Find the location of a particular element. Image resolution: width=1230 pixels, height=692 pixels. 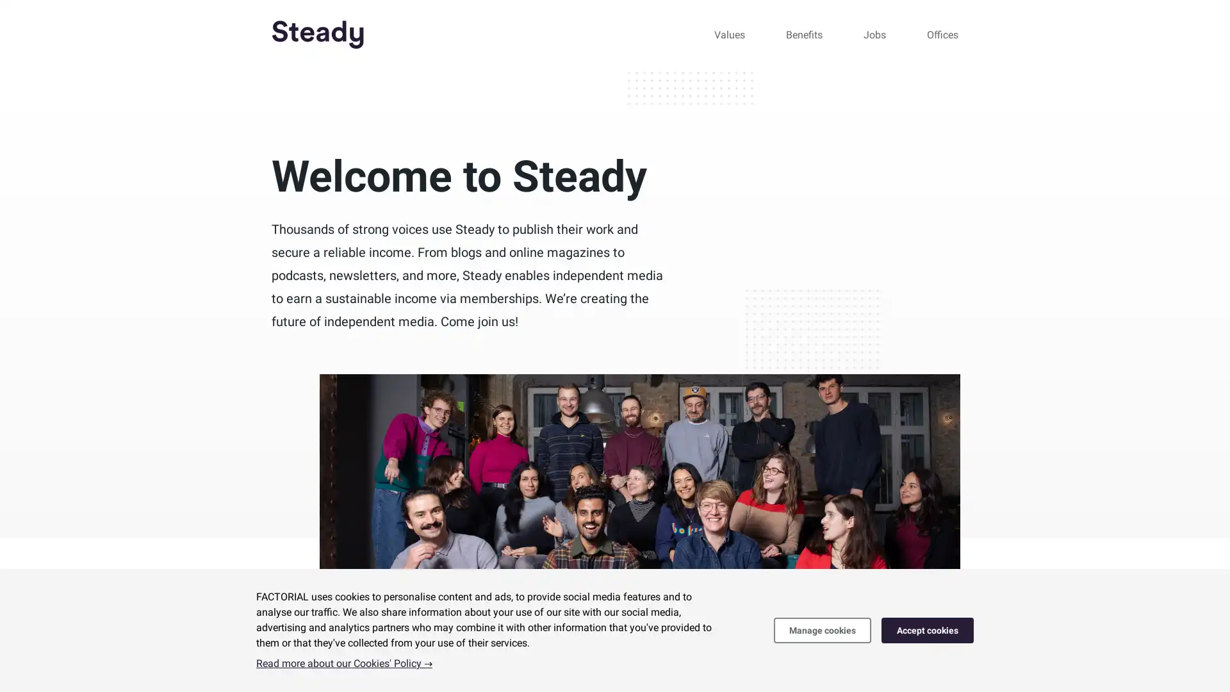

Accept cookies is located at coordinates (928, 629).